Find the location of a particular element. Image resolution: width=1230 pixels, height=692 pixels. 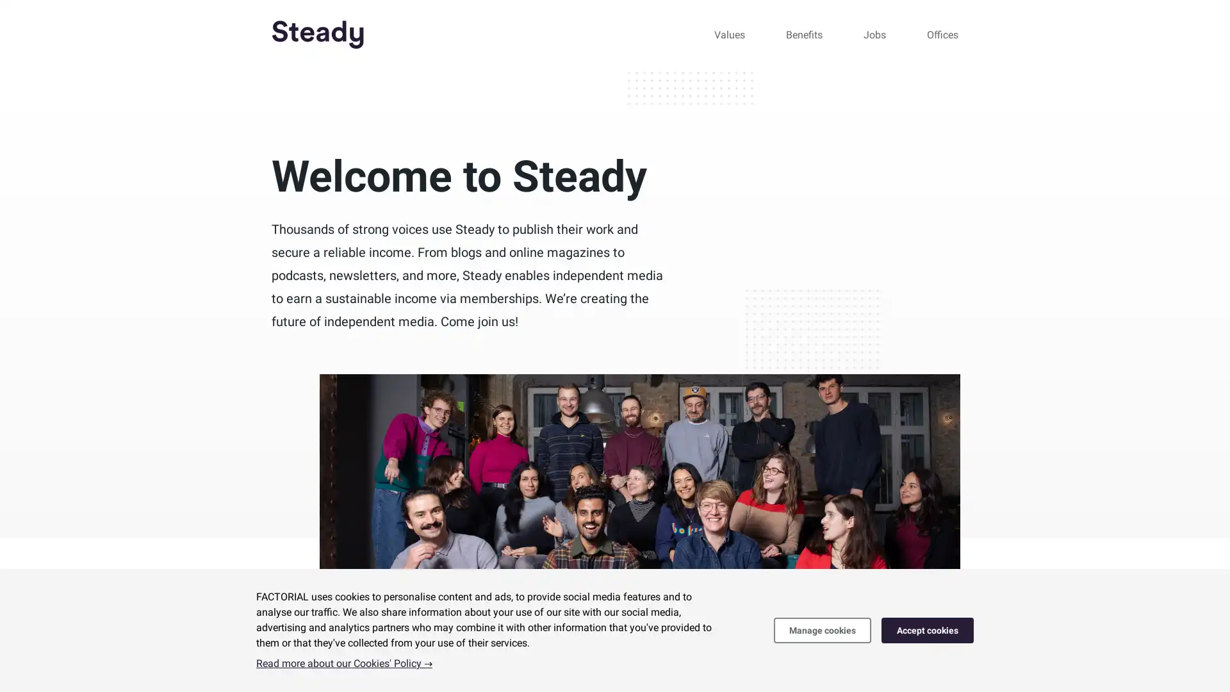

Accept cookies is located at coordinates (928, 629).